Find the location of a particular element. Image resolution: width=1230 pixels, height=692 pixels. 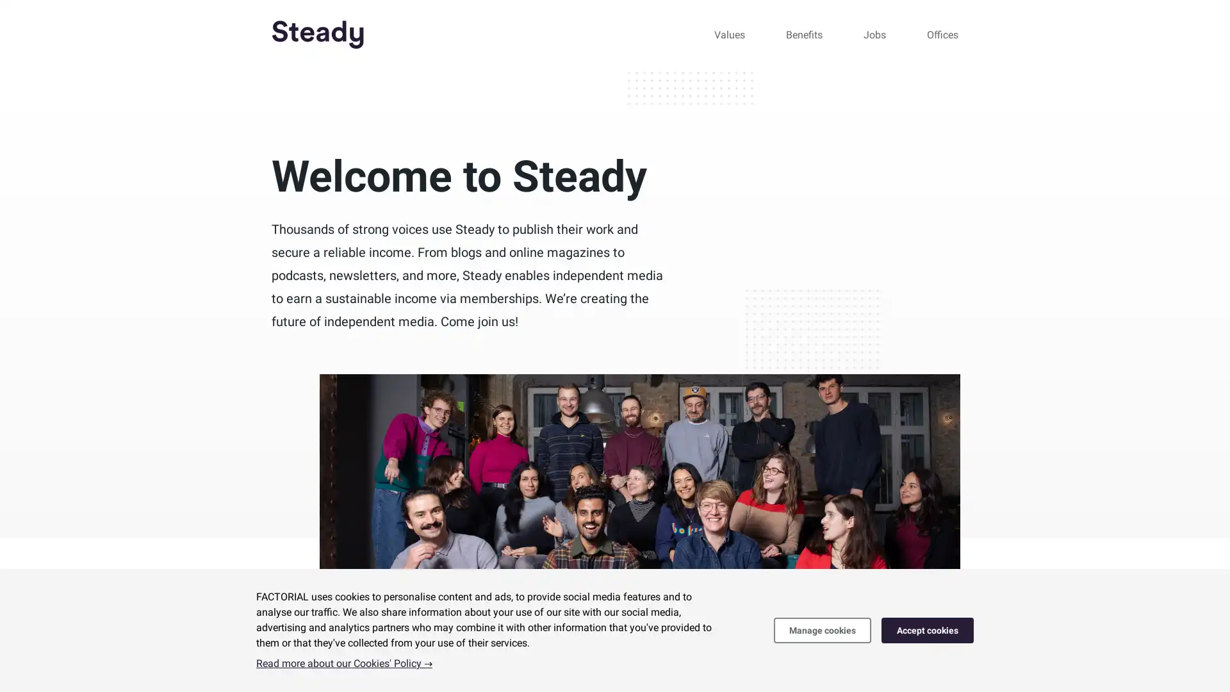

Accept cookies is located at coordinates (928, 629).